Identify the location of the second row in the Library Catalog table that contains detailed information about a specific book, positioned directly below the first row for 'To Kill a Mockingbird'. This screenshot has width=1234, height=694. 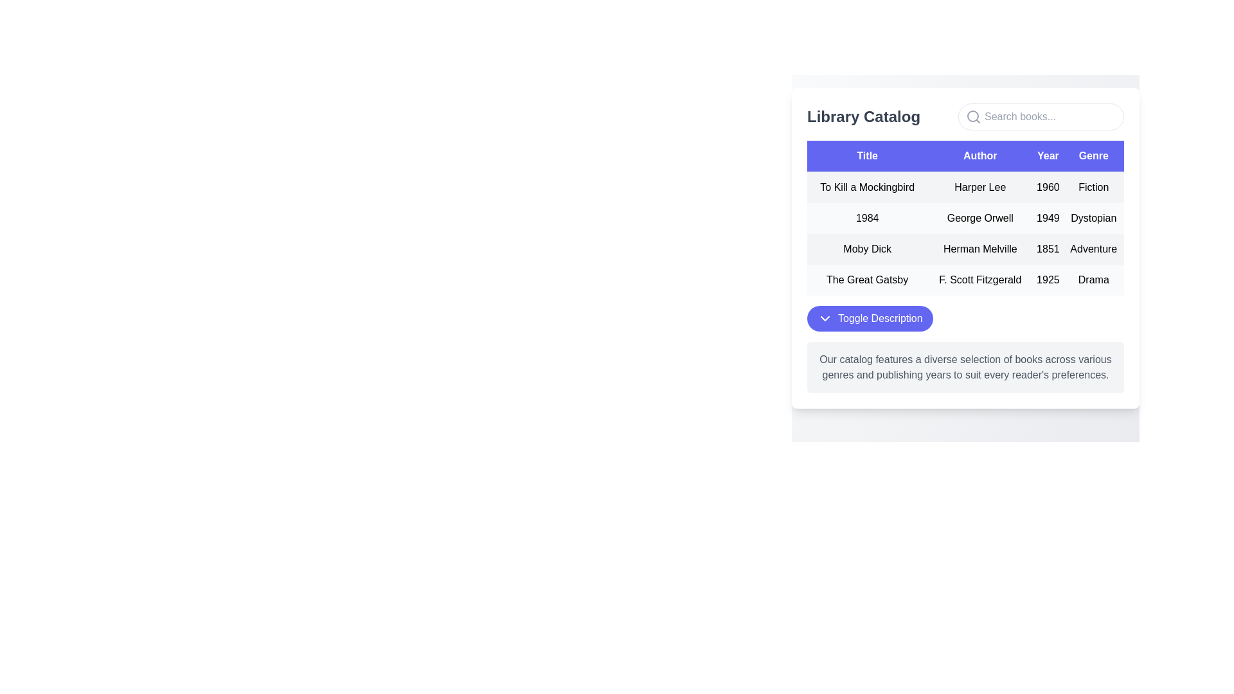
(965, 217).